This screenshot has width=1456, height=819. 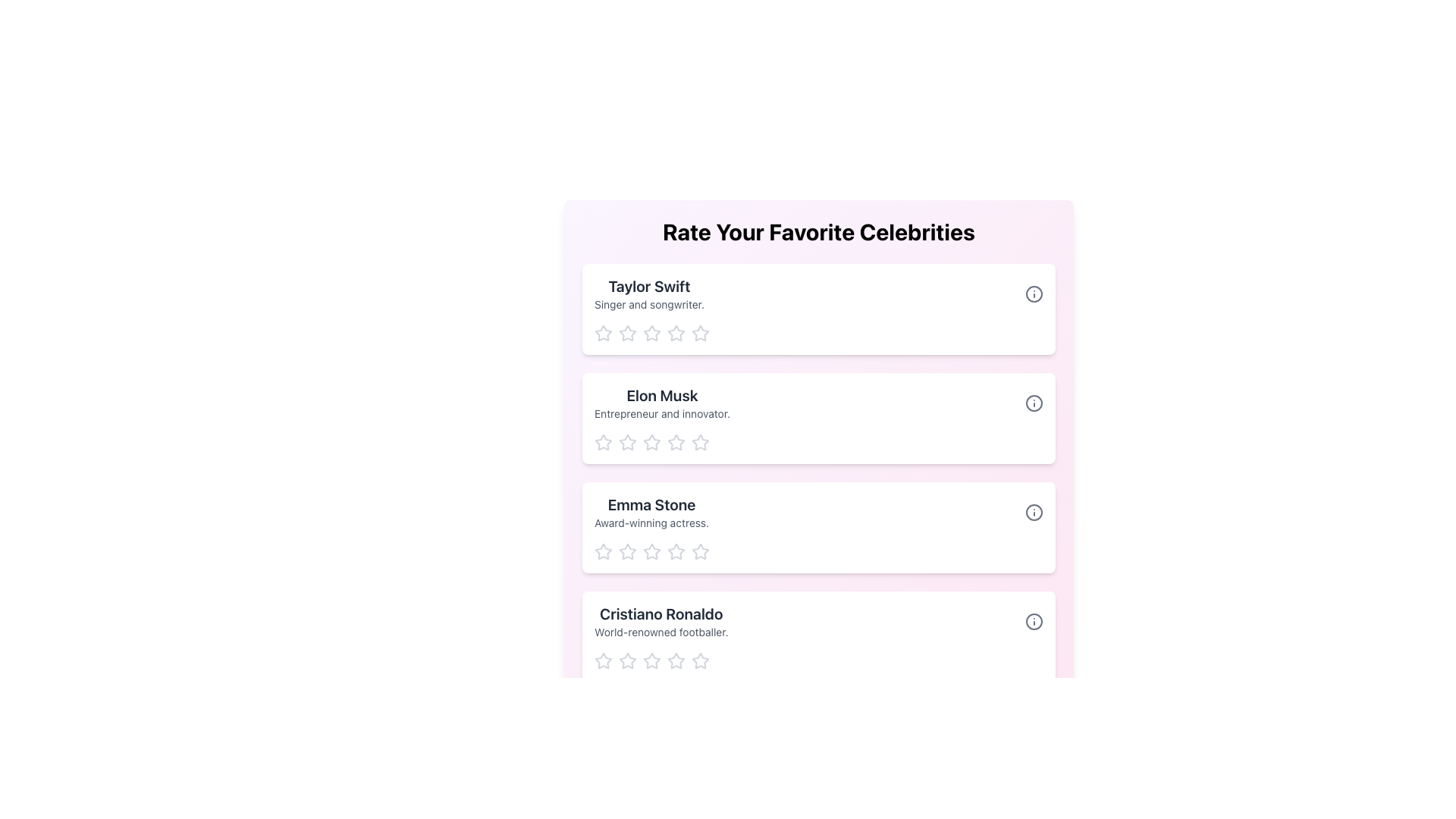 I want to click on the pointer across the first star icon in the star rating widget under the 'Elon Musk' section, so click(x=603, y=442).